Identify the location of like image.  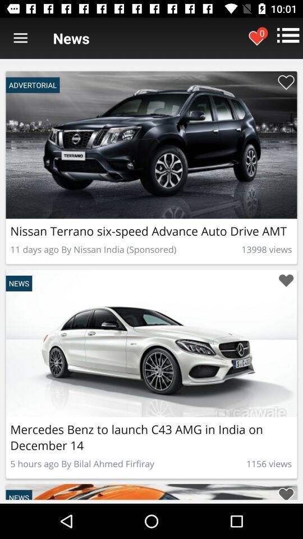
(286, 280).